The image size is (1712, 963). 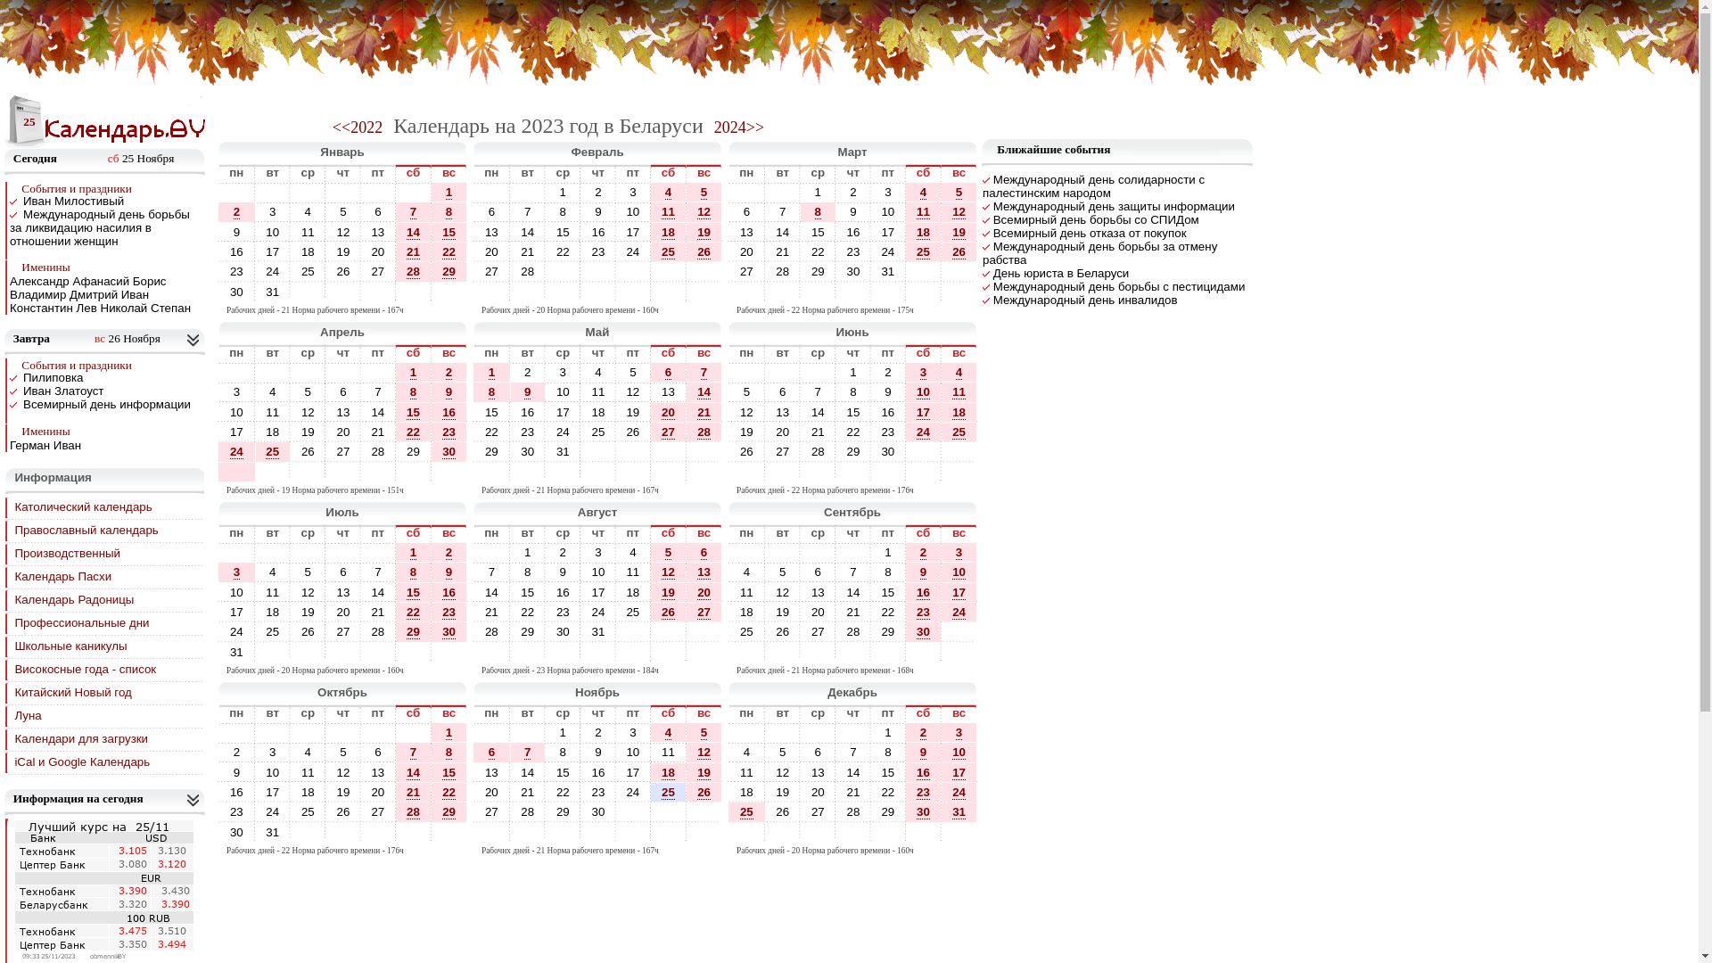 I want to click on '4', so click(x=667, y=192).